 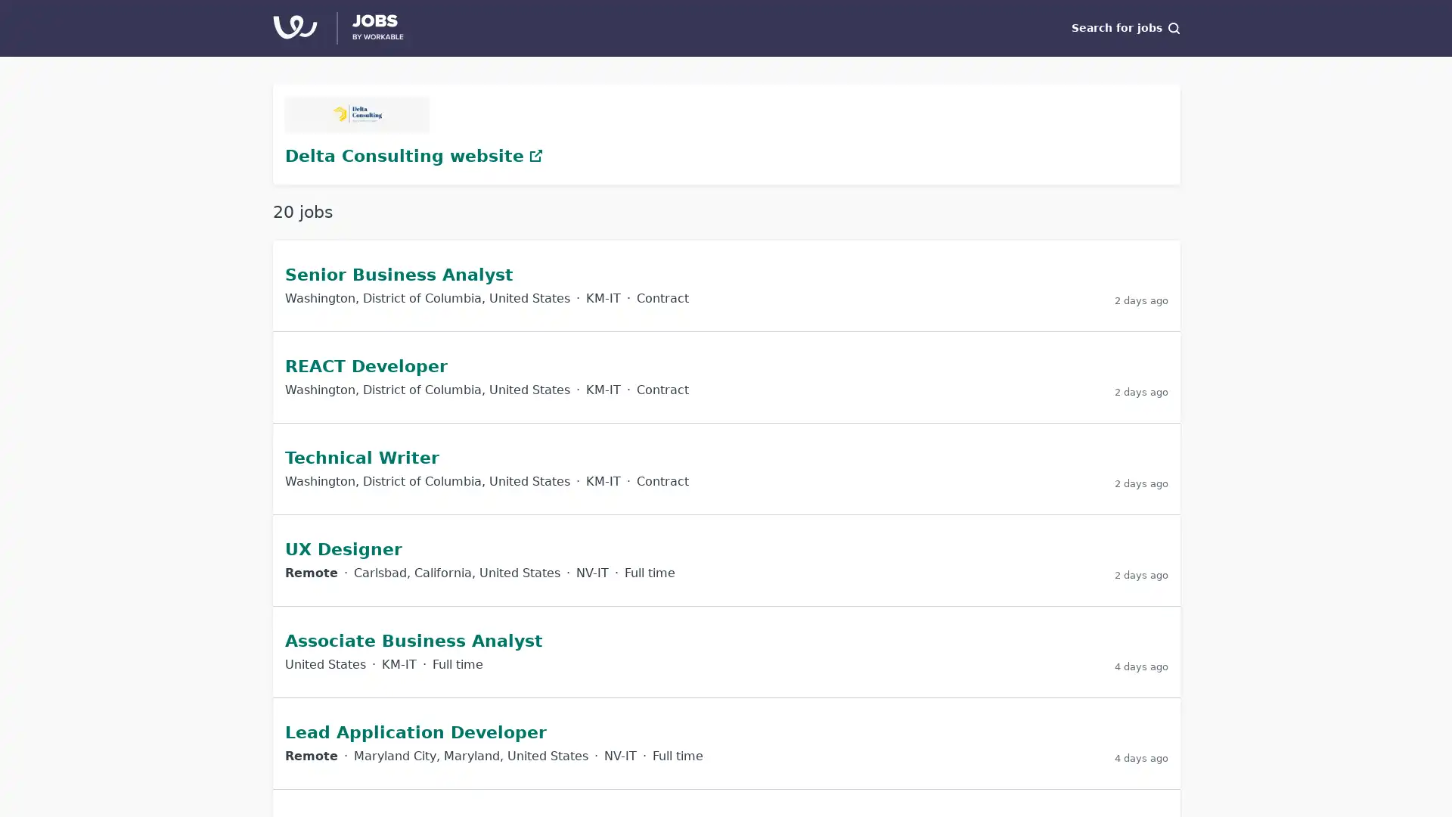 What do you see at coordinates (726, 467) in the screenshot?
I see `Technical Writer at Delta Consulting` at bounding box center [726, 467].